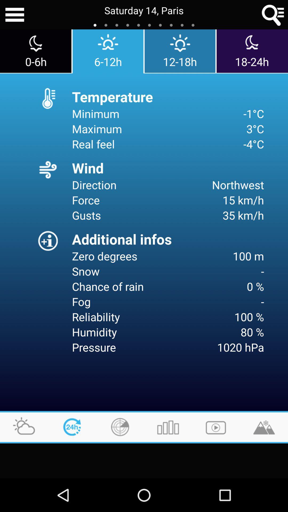  I want to click on open menu, so click(14, 15).